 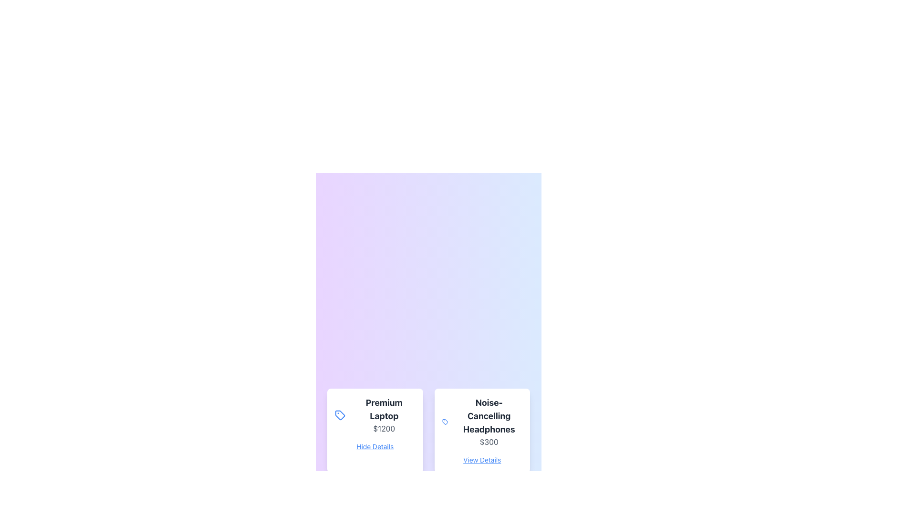 What do you see at coordinates (340, 414) in the screenshot?
I see `the blue tag-shaped icon located to the left of the 'Premium Laptop' text within the card element displaying the price '$1200'` at bounding box center [340, 414].